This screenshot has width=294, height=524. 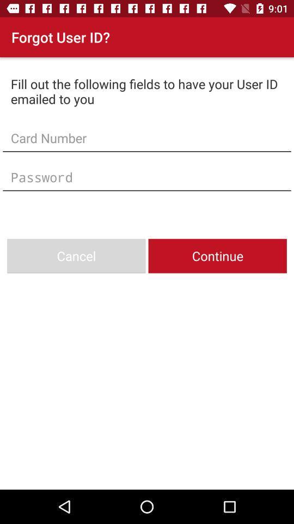 I want to click on cancel on the left, so click(x=76, y=256).